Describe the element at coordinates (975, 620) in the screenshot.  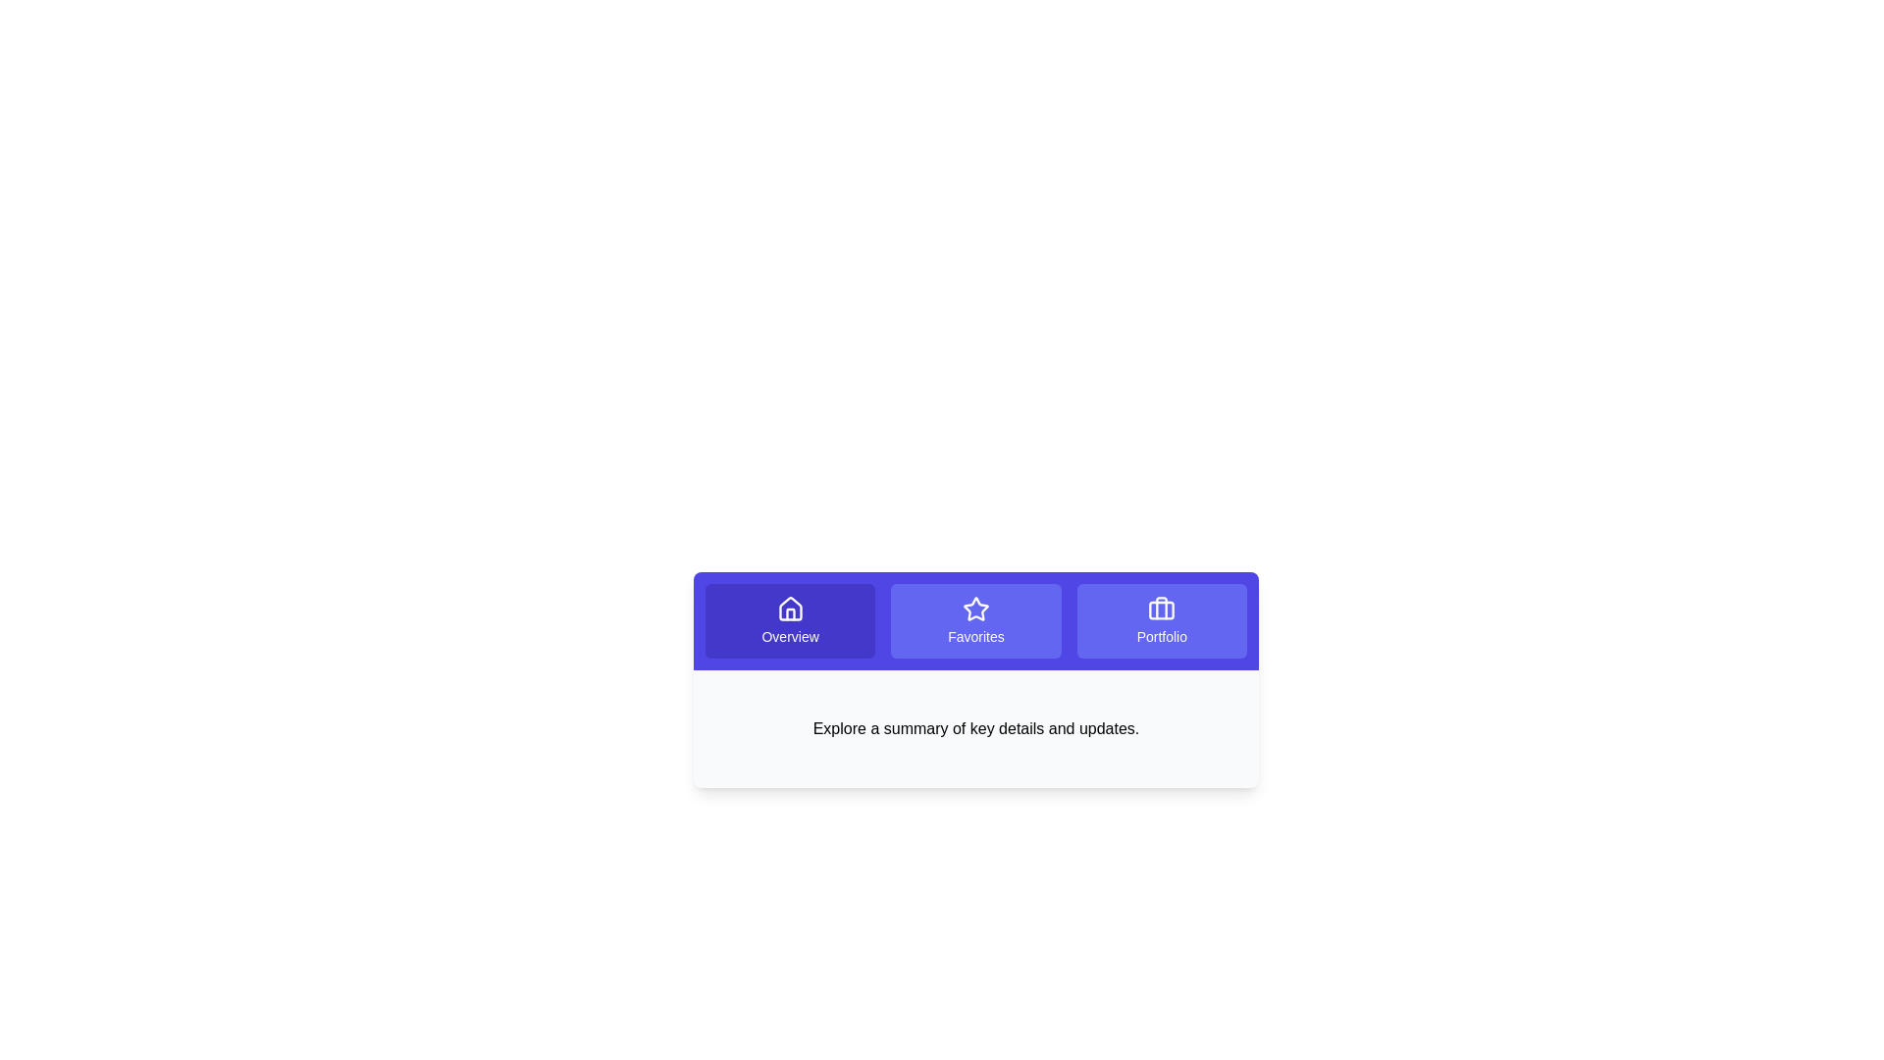
I see `the Favorites button to view its content` at that location.